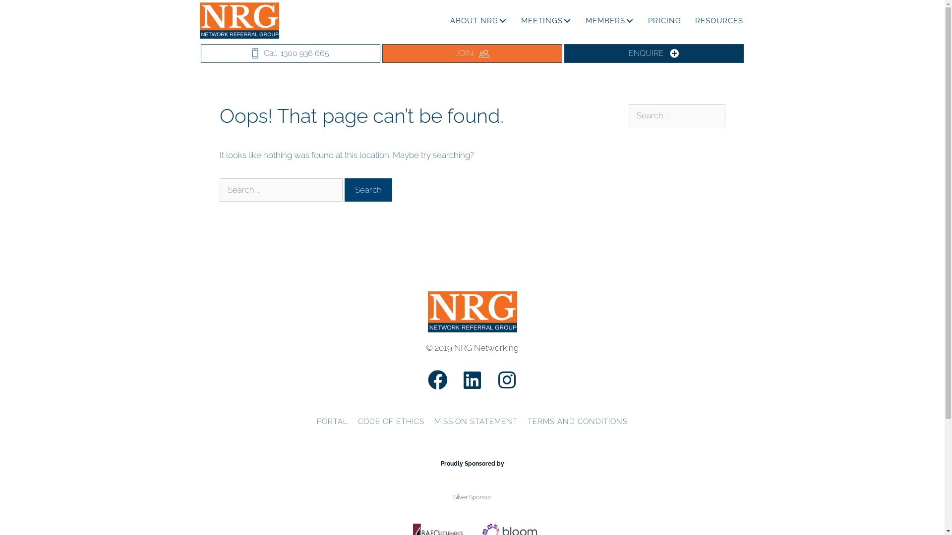 This screenshot has height=535, width=952. Describe the element at coordinates (332, 422) in the screenshot. I see `'PORTAL'` at that location.